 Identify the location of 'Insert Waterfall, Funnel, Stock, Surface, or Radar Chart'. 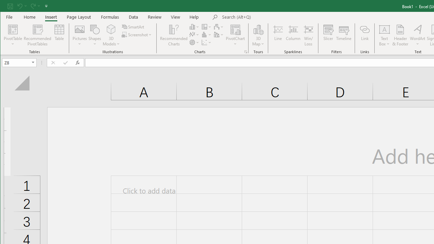
(219, 26).